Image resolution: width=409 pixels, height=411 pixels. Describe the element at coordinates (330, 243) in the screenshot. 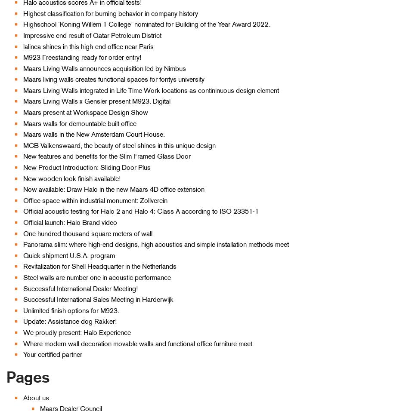

I see `'Newtonweg 1'` at that location.